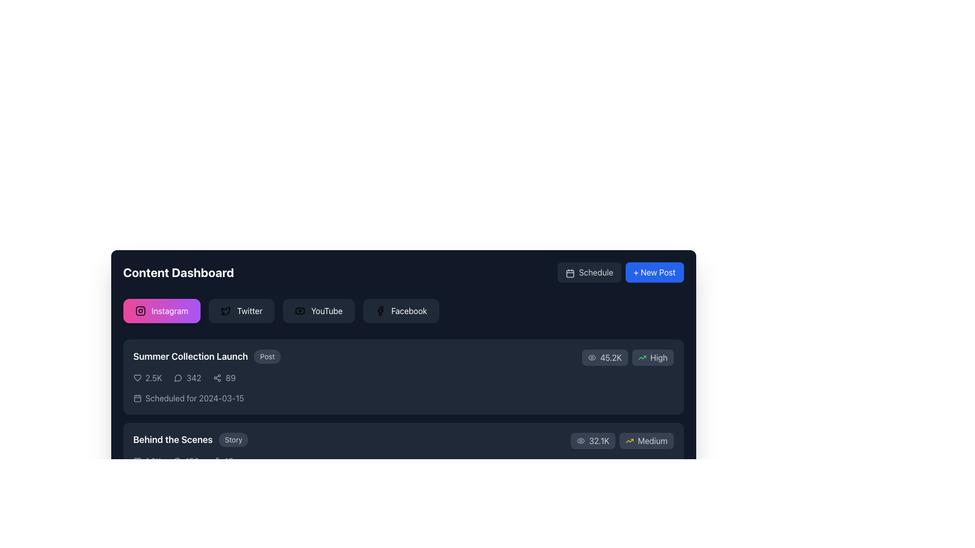  Describe the element at coordinates (147, 378) in the screenshot. I see `the text element that displays the count of likes or favorites for the 'Summer Collection Launch' post, which is the first component in a horizontal group beneath the post` at that location.